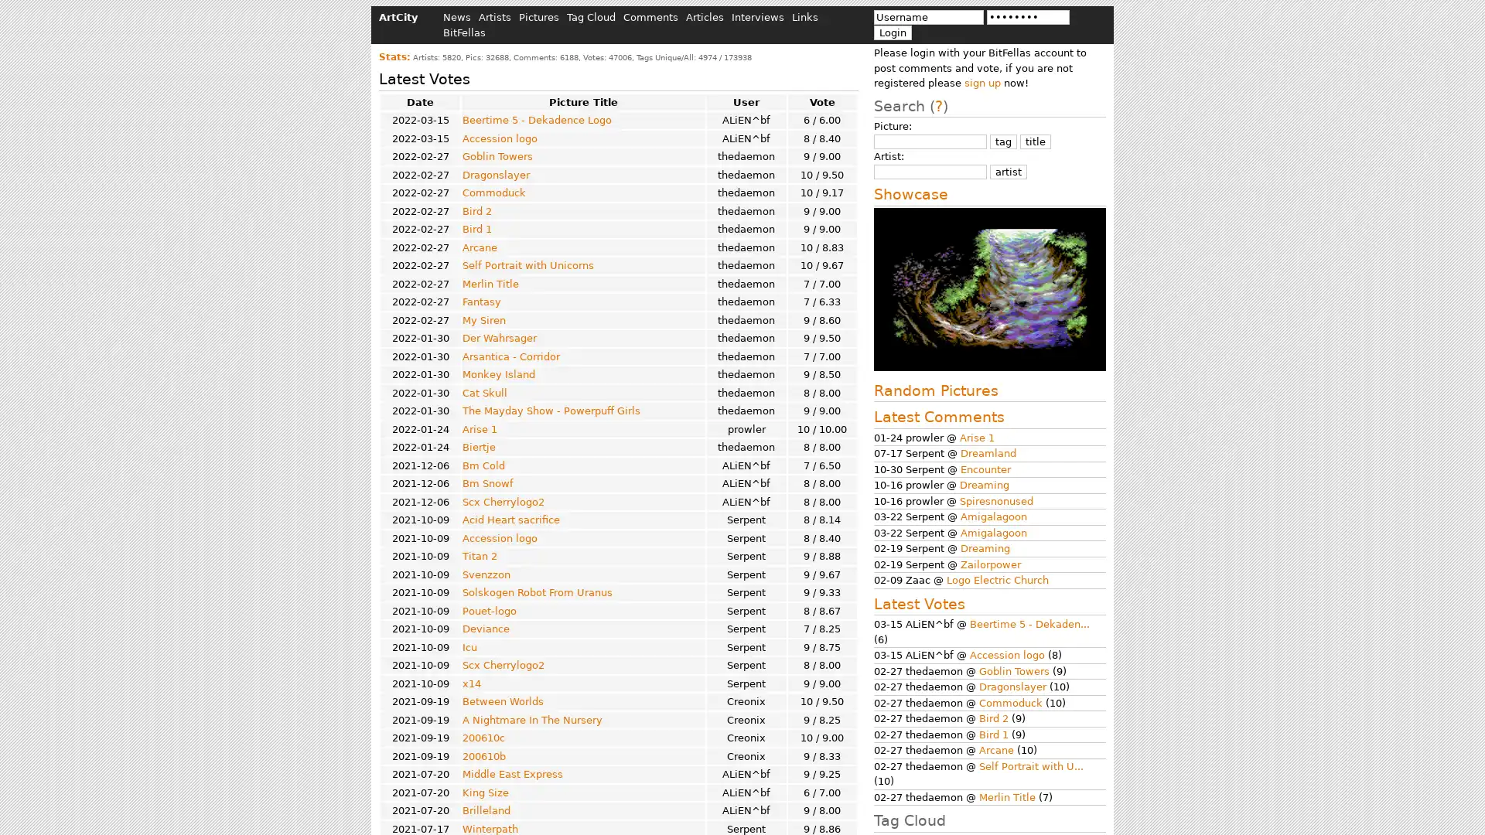 This screenshot has width=1485, height=835. I want to click on Login, so click(893, 32).